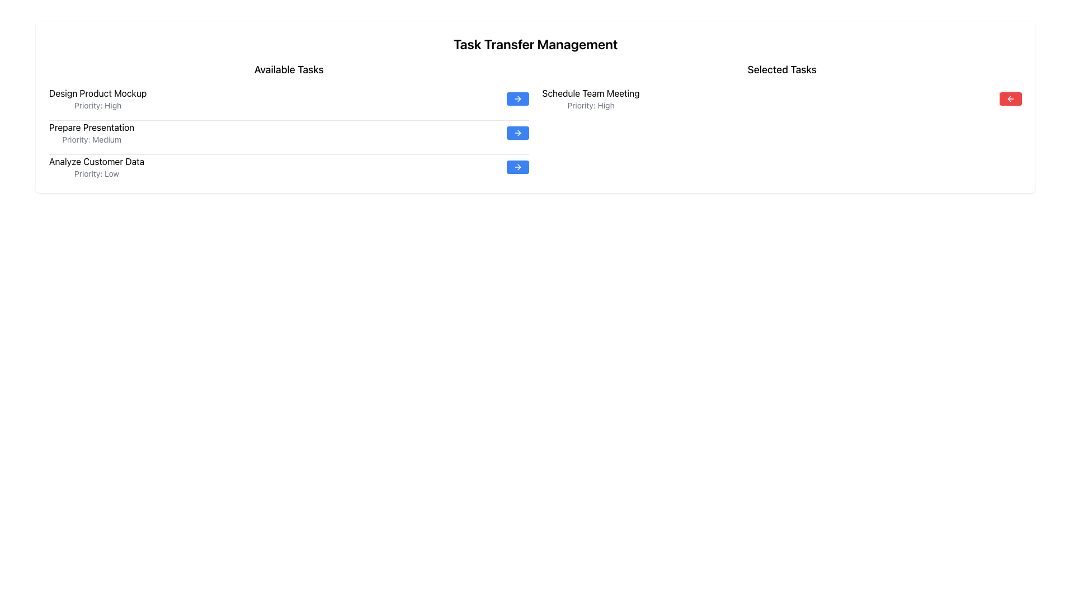 The image size is (1074, 604). Describe the element at coordinates (517, 133) in the screenshot. I see `the rightward-pointing arrow icon, which is styled with a thin stroke and rounded ends, located on a blue circular button` at that location.